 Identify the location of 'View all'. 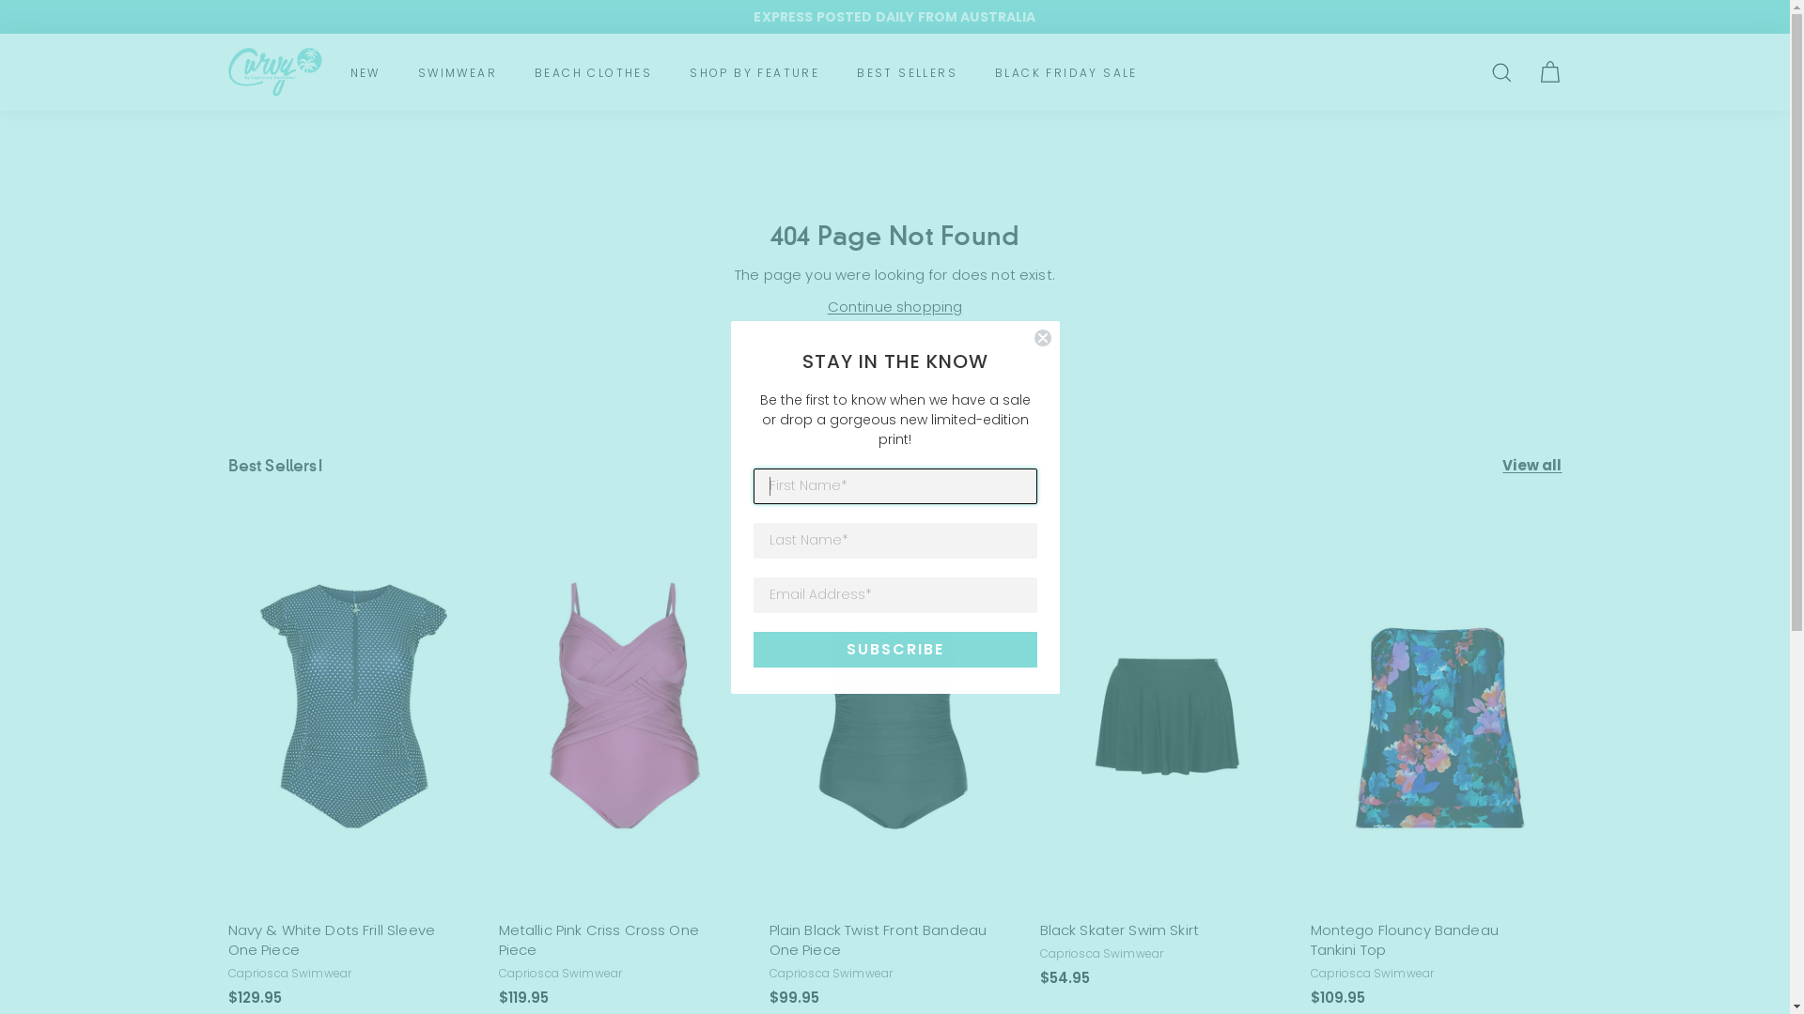
(1532, 465).